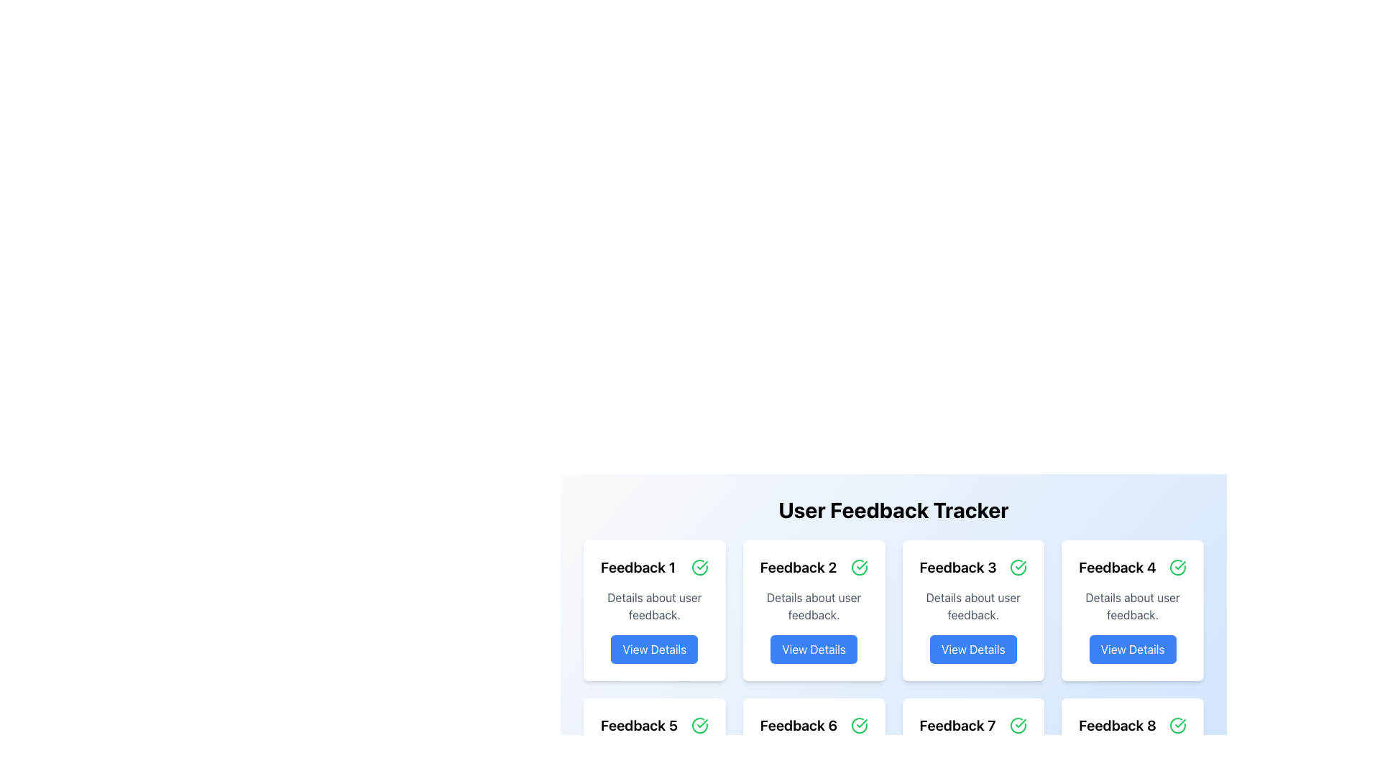 The height and width of the screenshot is (776, 1380). I want to click on the circular checkmark icon with a green outline located next to the 'Feedback 3' label in the middle of the second row of feedback items, so click(1018, 567).